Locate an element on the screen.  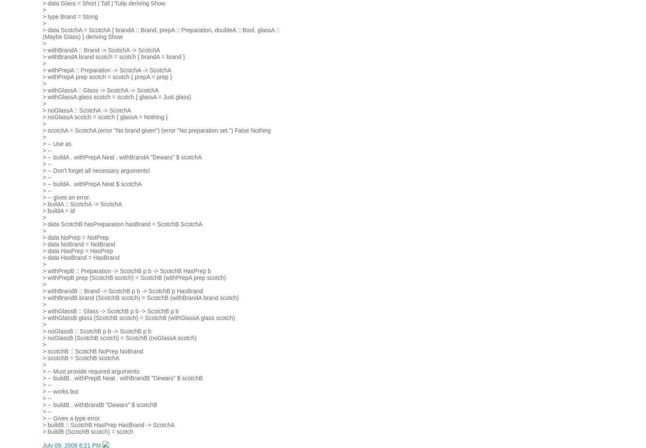
'> scotchB = ScotchB scotchA' is located at coordinates (81, 358).